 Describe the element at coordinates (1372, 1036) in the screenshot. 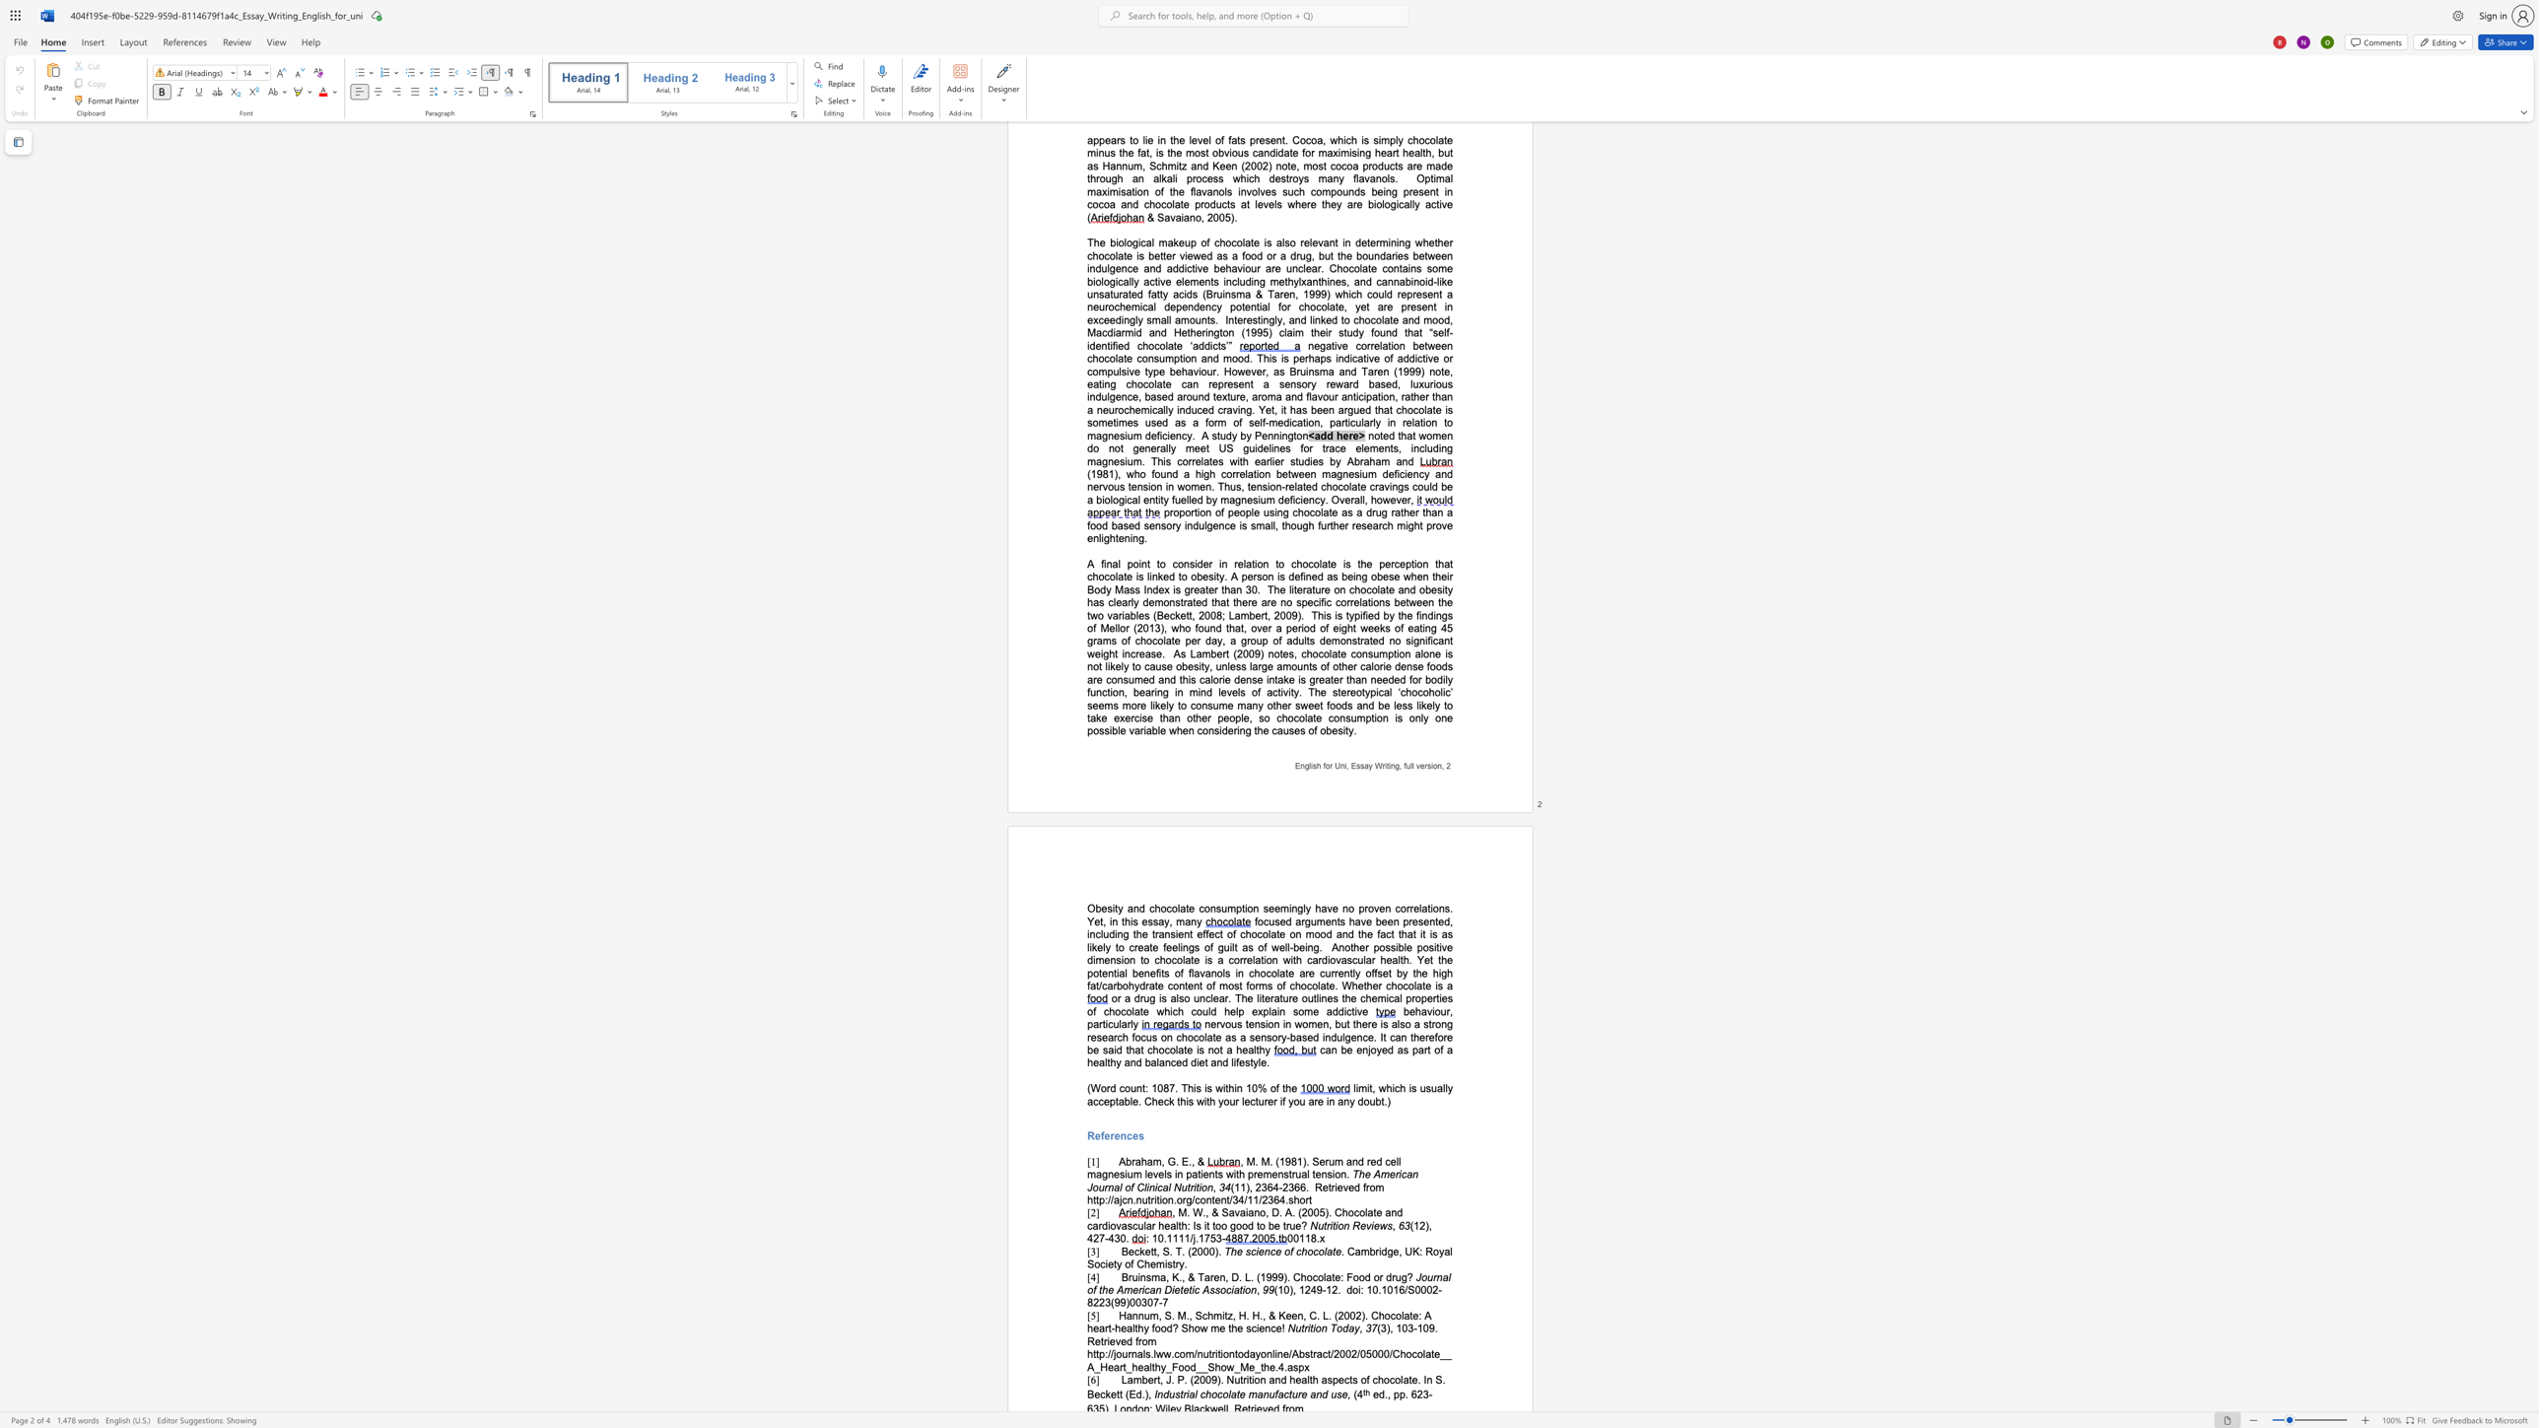

I see `the subset text ". It can the" within the text "nervous tension in women, but there is also a strong research focus on chocolate as a sensory-based indulgence. It can therefore be said that chocolate is not a healthy"` at that location.